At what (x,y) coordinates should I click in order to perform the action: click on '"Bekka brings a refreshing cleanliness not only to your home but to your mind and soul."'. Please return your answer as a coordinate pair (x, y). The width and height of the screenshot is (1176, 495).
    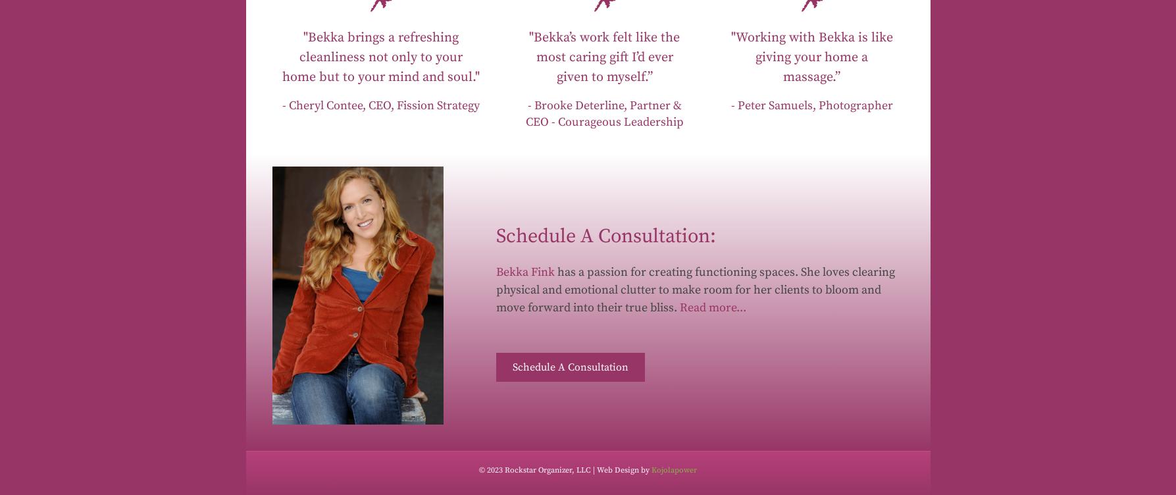
    Looking at the image, I should click on (379, 57).